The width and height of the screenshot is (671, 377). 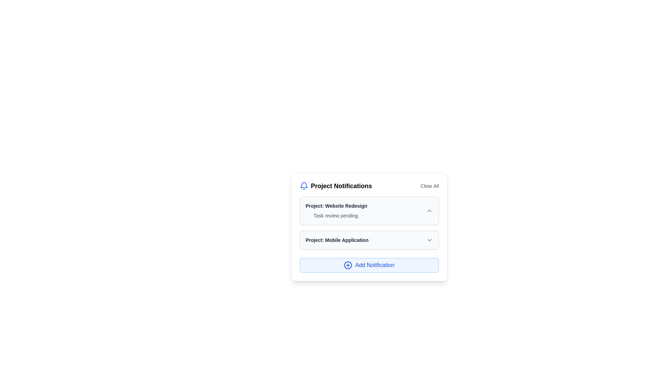 What do you see at coordinates (336, 206) in the screenshot?
I see `the title text of the project notification located in the 'Project Notifications' card, which is positioned above the 'Task review pending' text` at bounding box center [336, 206].